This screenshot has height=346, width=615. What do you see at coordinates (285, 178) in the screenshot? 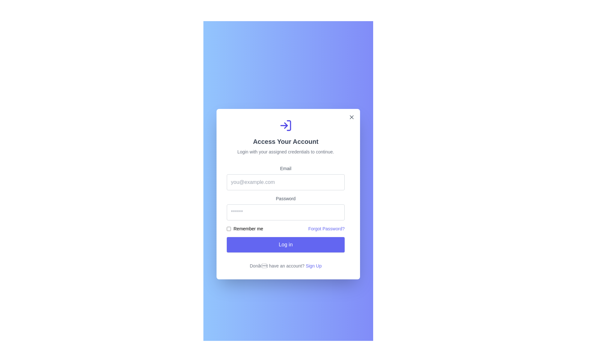
I see `the email input field located at the top section of the group` at bounding box center [285, 178].